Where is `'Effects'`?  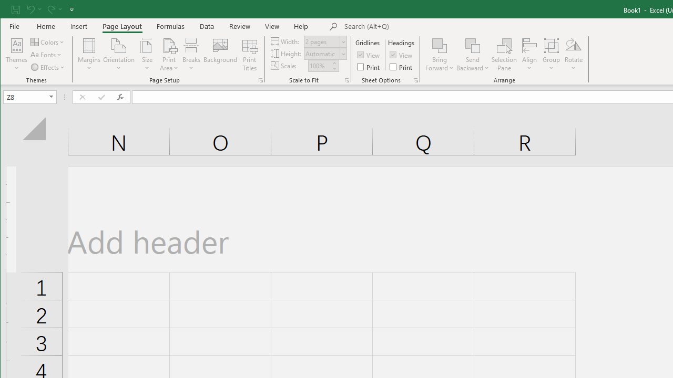
'Effects' is located at coordinates (48, 67).